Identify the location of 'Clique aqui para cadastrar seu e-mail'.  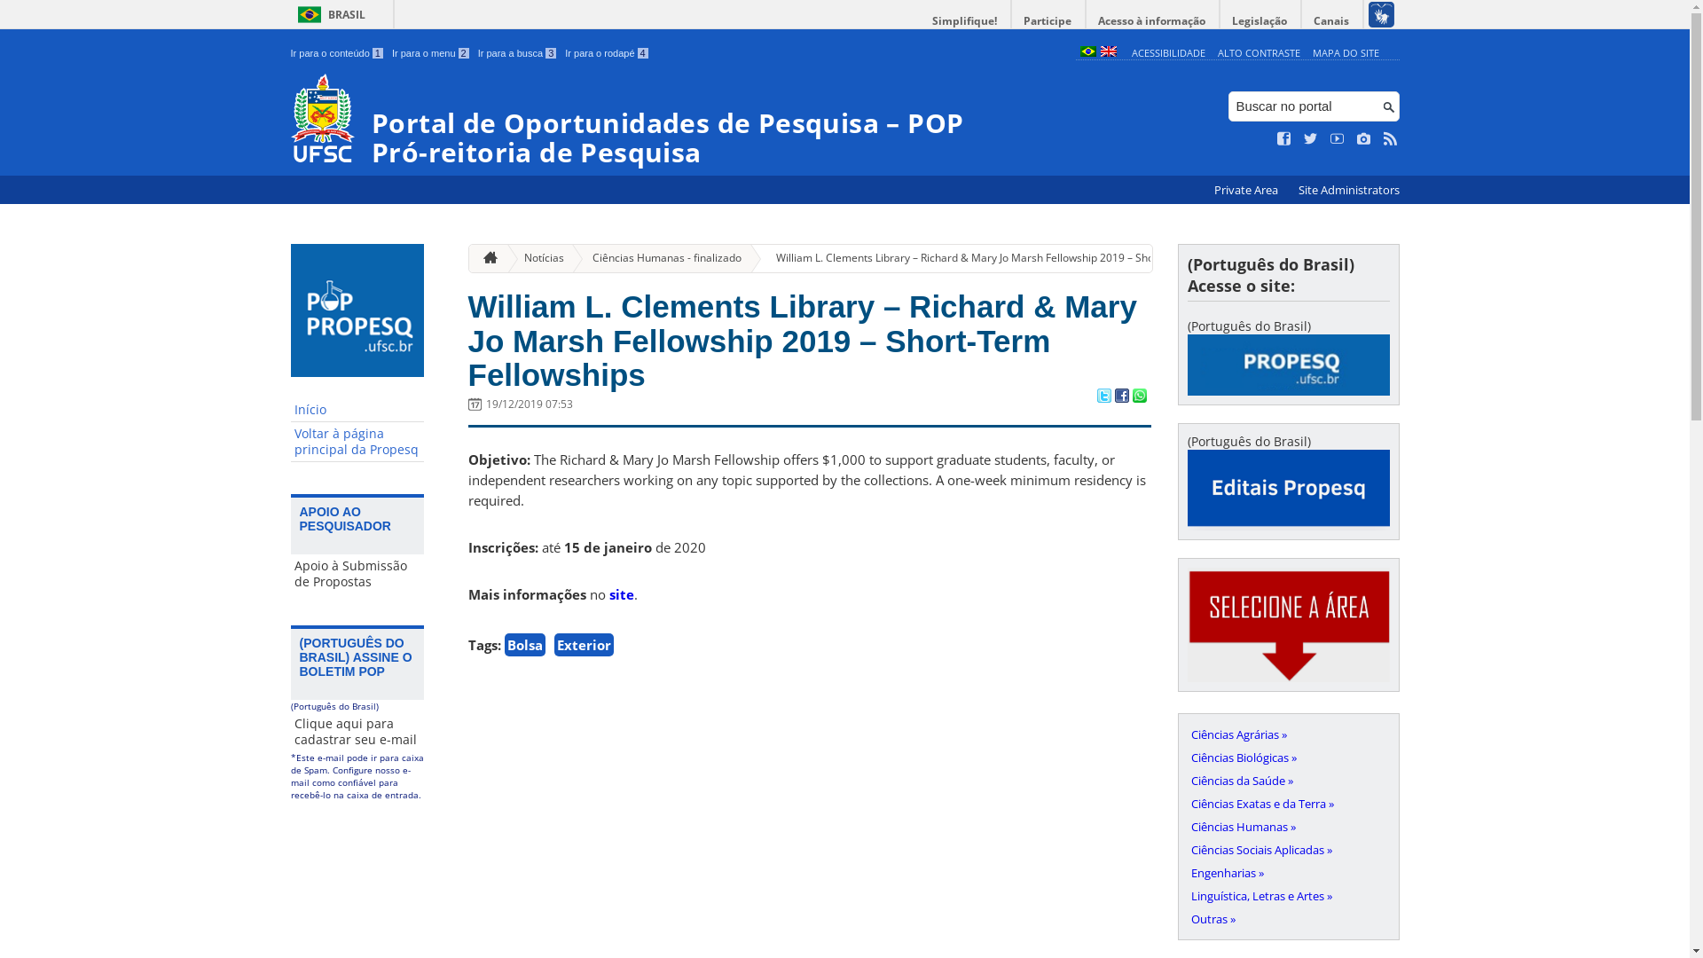
(290, 732).